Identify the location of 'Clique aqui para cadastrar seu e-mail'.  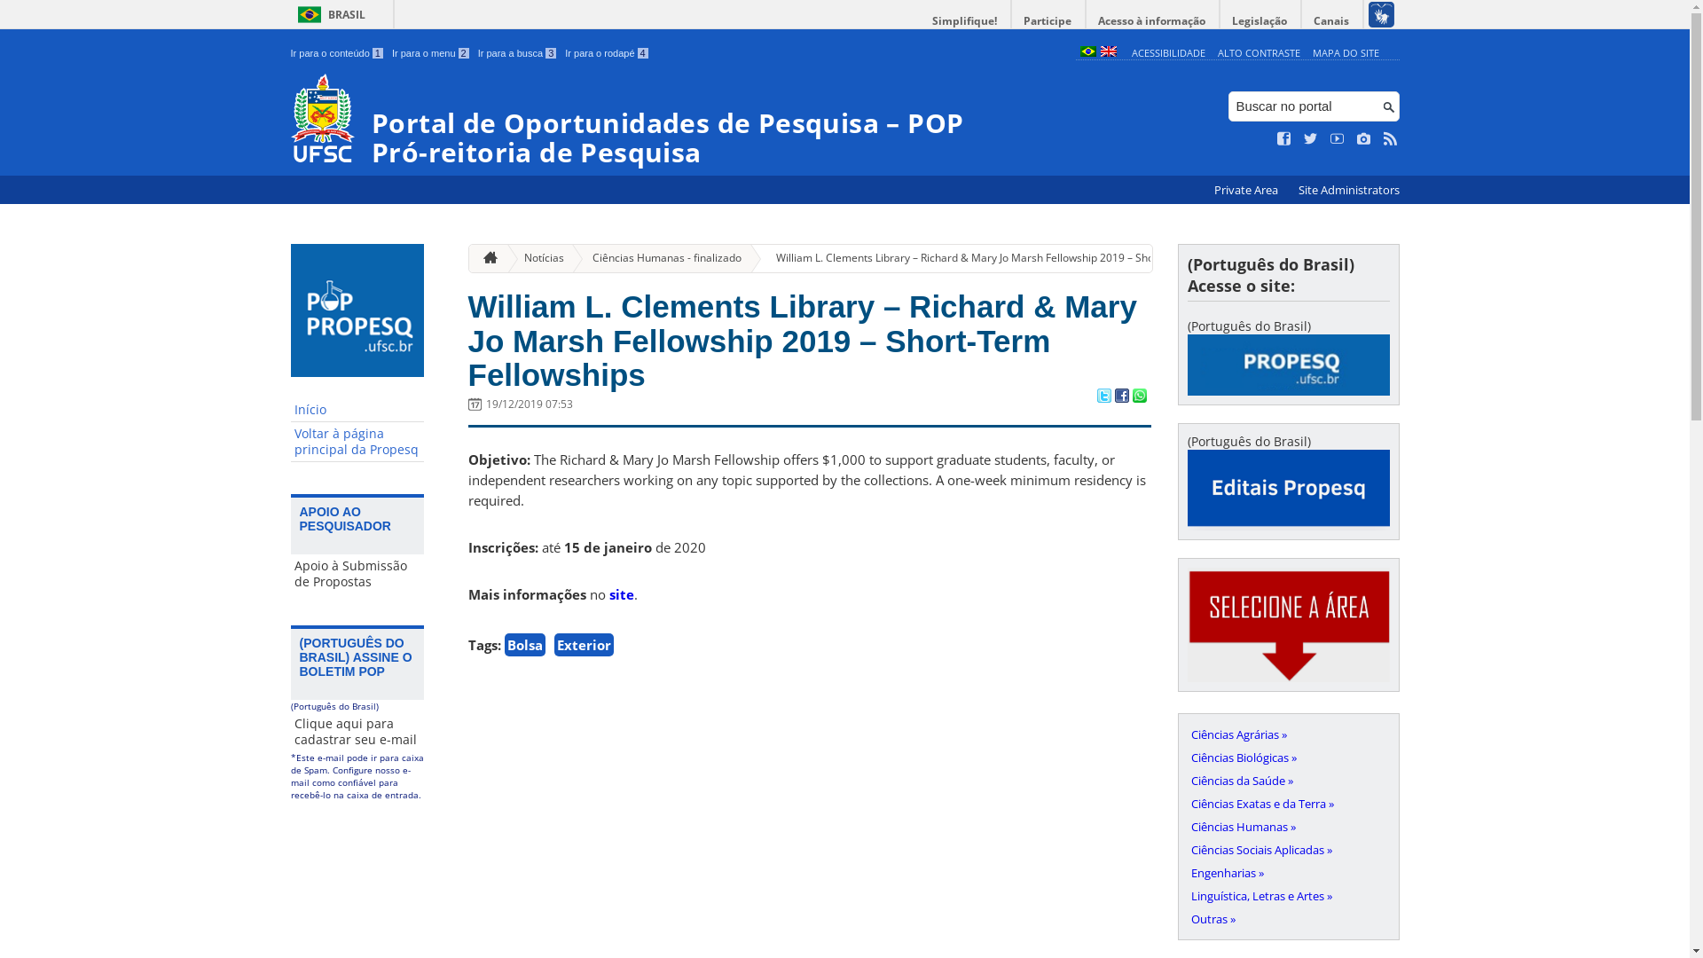
(290, 732).